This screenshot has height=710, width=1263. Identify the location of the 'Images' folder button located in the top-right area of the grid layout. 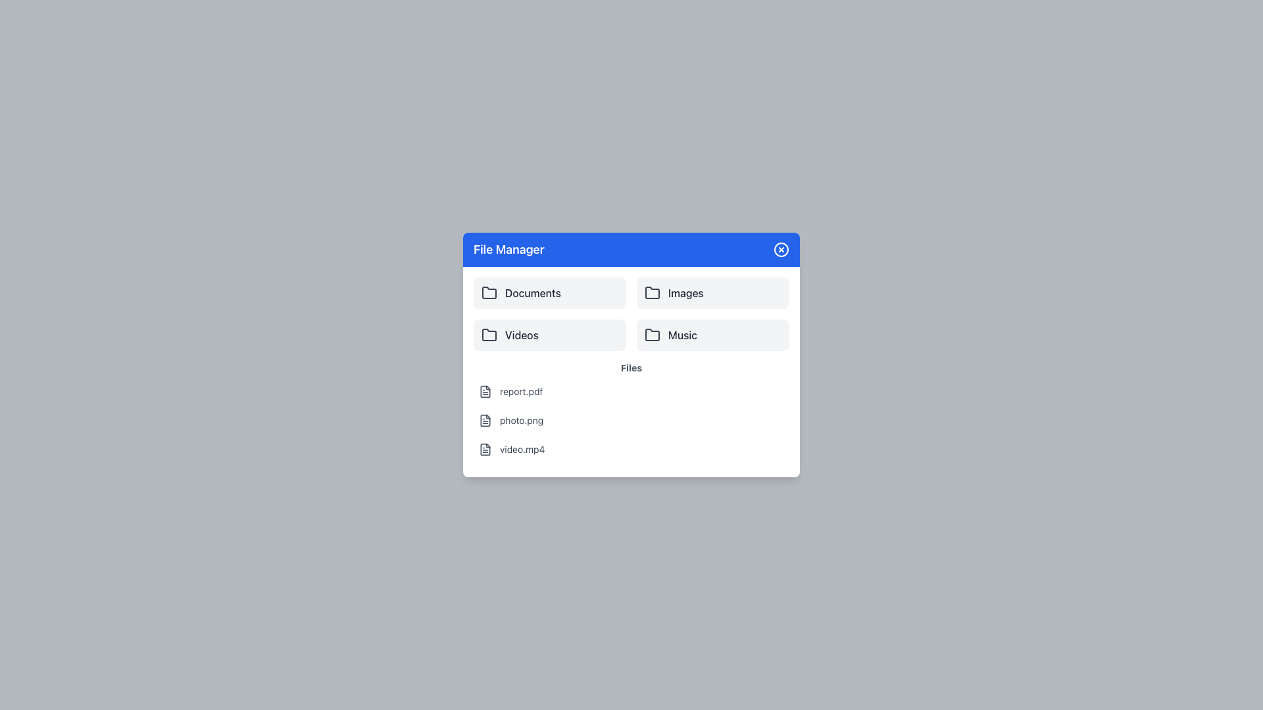
(712, 293).